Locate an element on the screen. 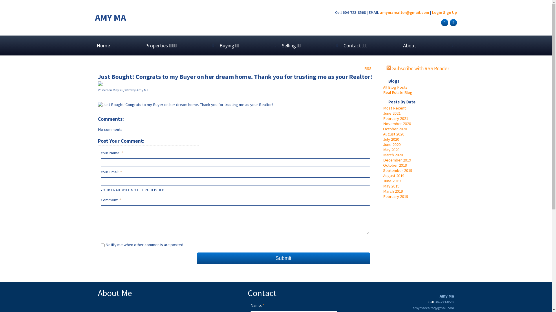  'July 2020' is located at coordinates (391, 139).